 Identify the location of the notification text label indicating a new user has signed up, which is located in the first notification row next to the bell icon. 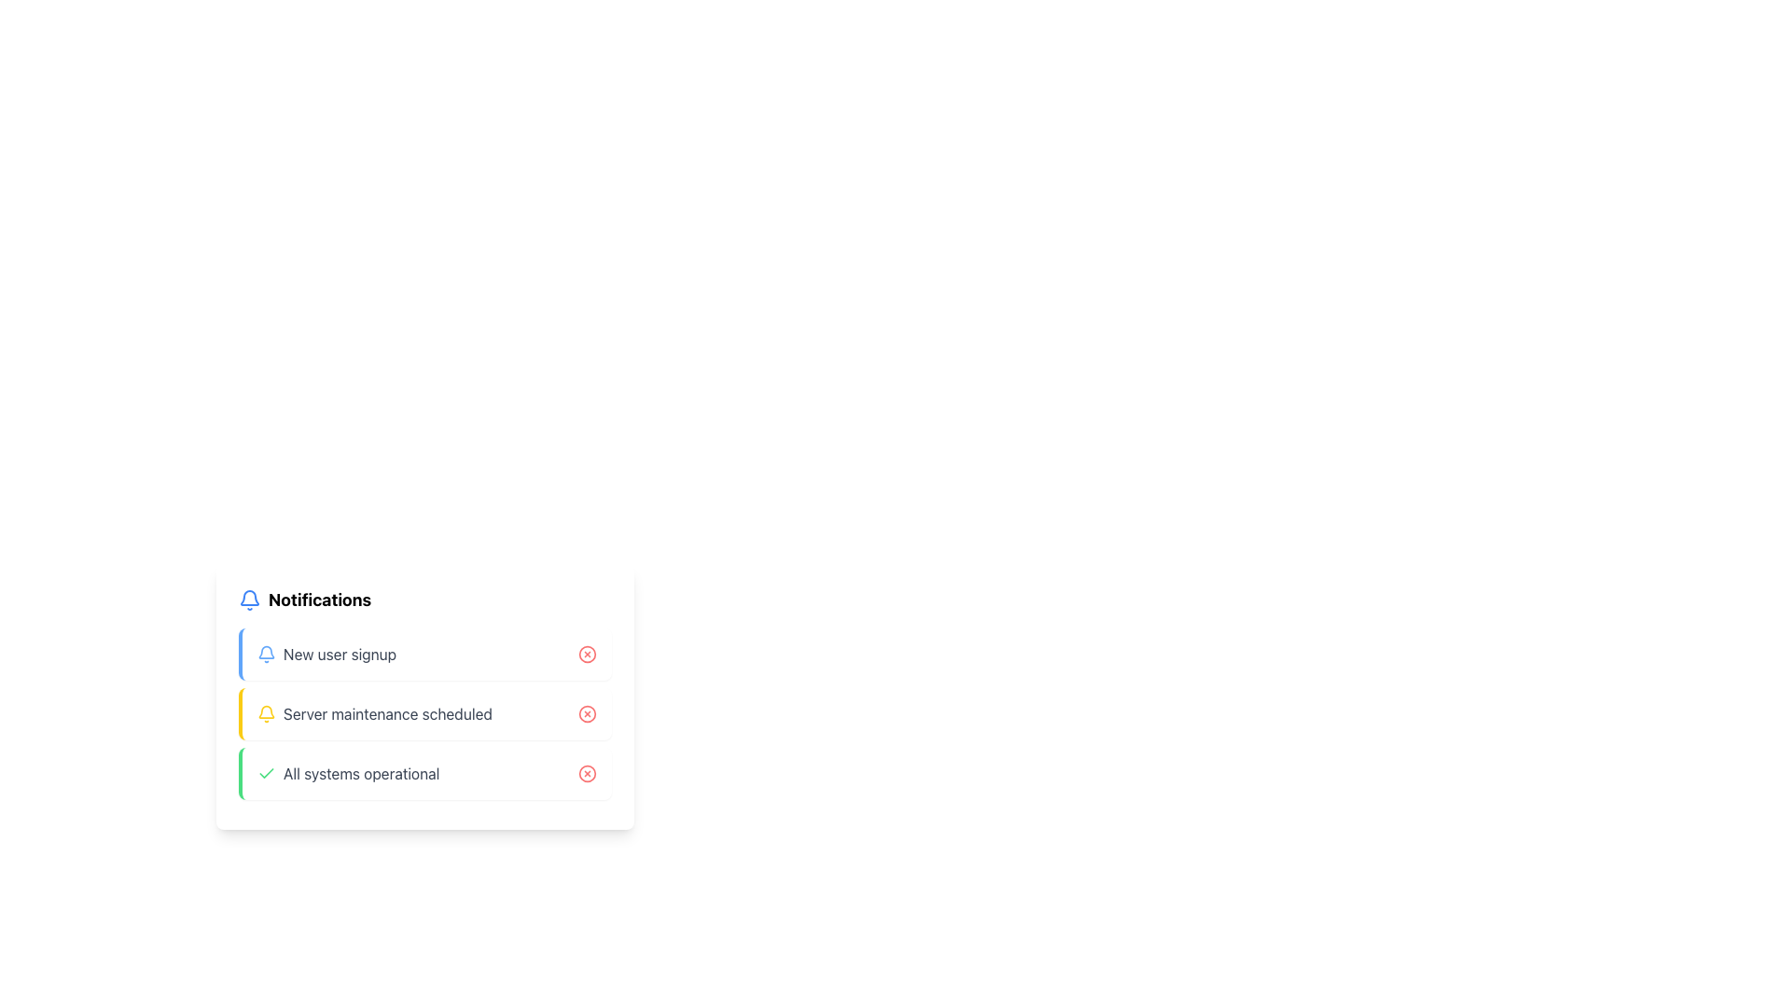
(340, 654).